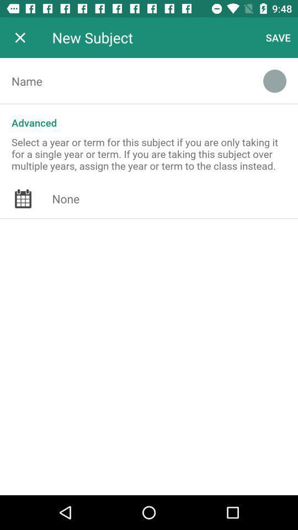 The width and height of the screenshot is (298, 530). I want to click on term name, so click(125, 80).